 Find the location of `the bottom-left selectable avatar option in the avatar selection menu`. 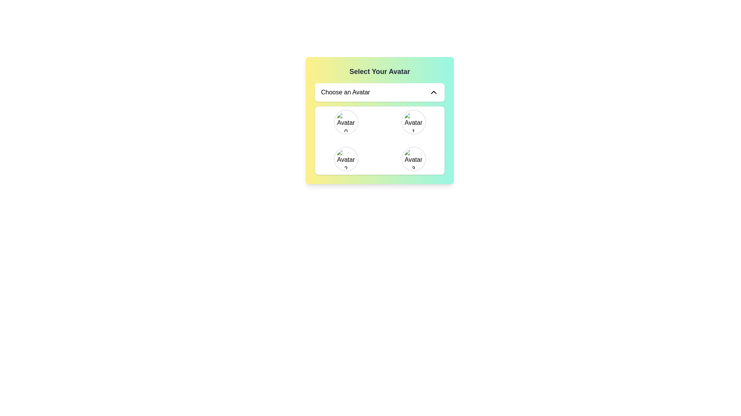

the bottom-left selectable avatar option in the avatar selection menu is located at coordinates (345, 158).